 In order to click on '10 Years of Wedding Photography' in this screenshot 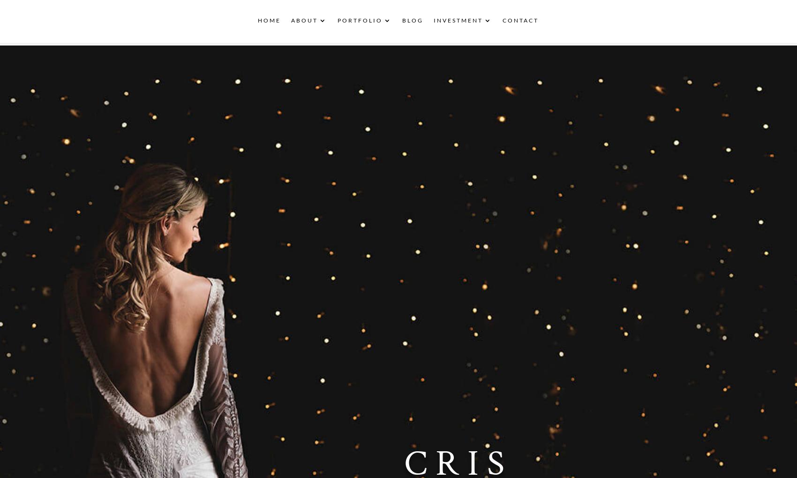, I will do `click(338, 97)`.